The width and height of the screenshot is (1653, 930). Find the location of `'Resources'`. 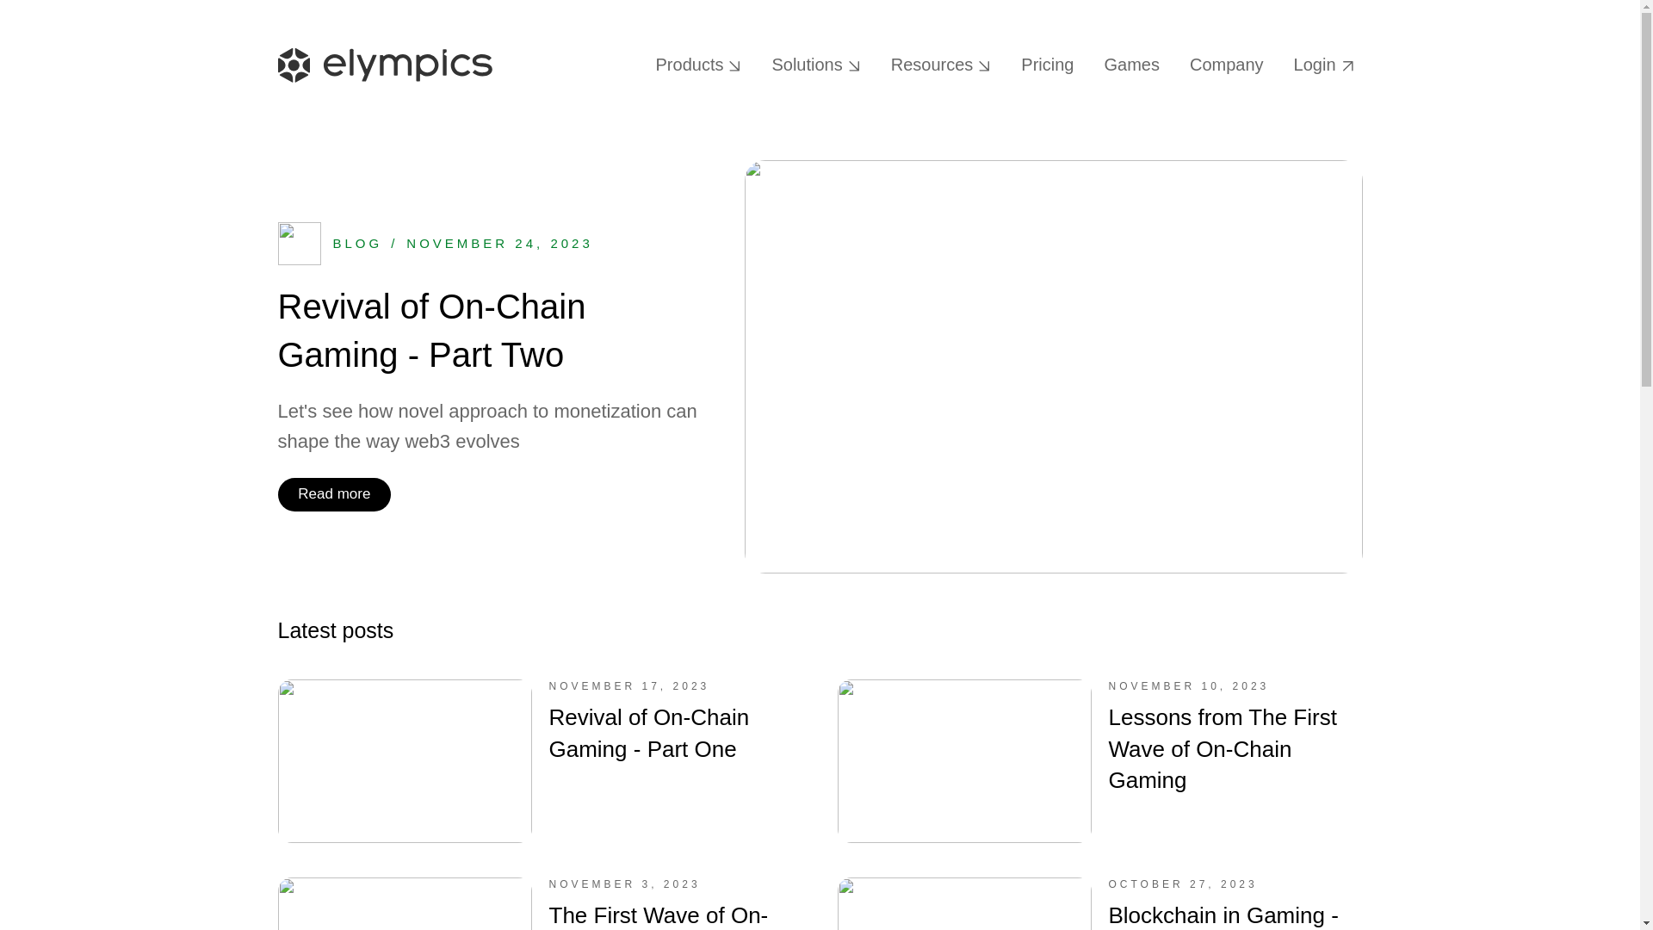

'Resources' is located at coordinates (940, 64).